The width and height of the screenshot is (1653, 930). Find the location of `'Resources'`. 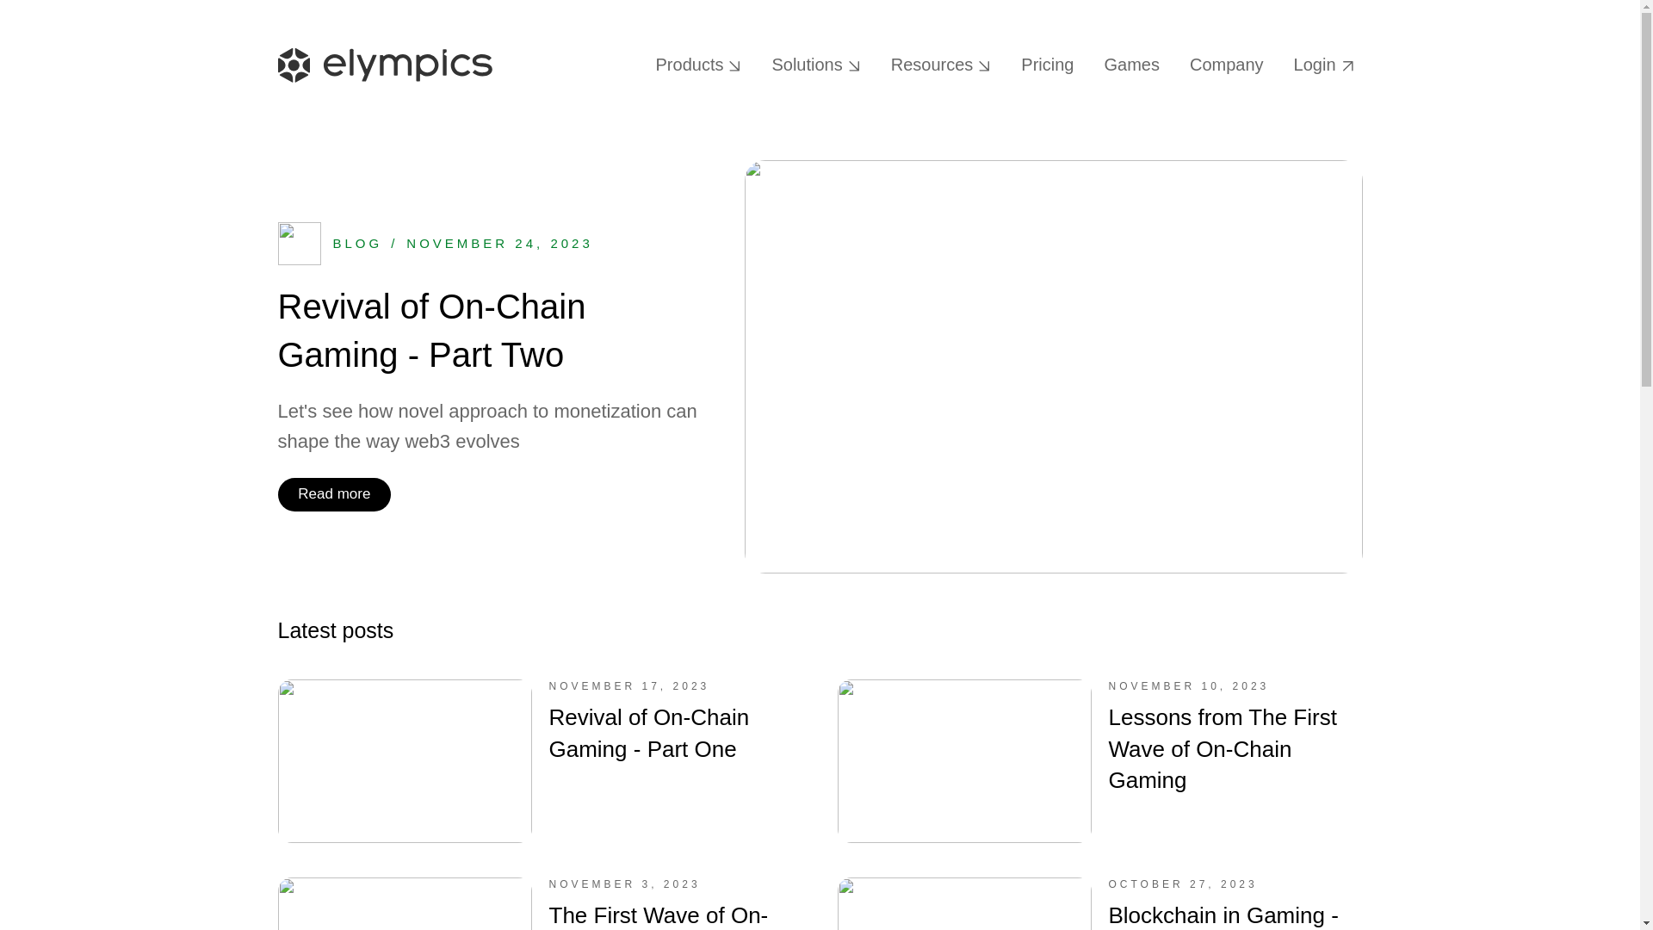

'Resources' is located at coordinates (940, 64).